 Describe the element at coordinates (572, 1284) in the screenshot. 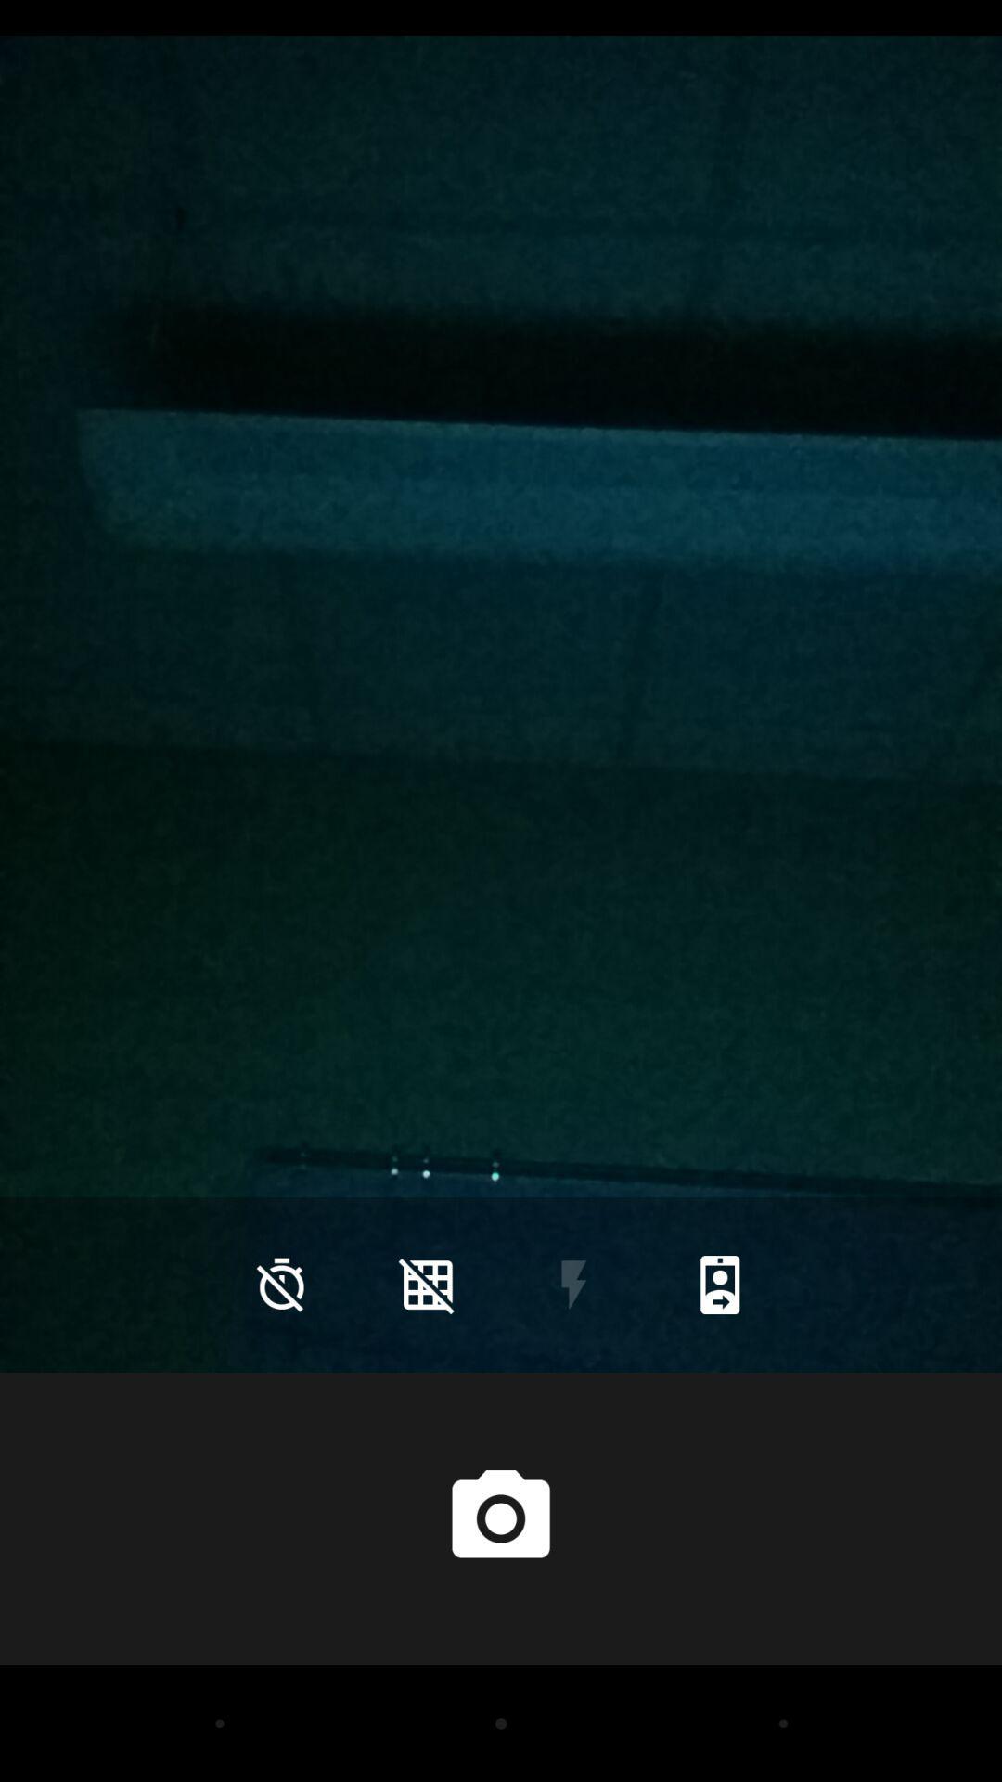

I see `the flash icon` at that location.